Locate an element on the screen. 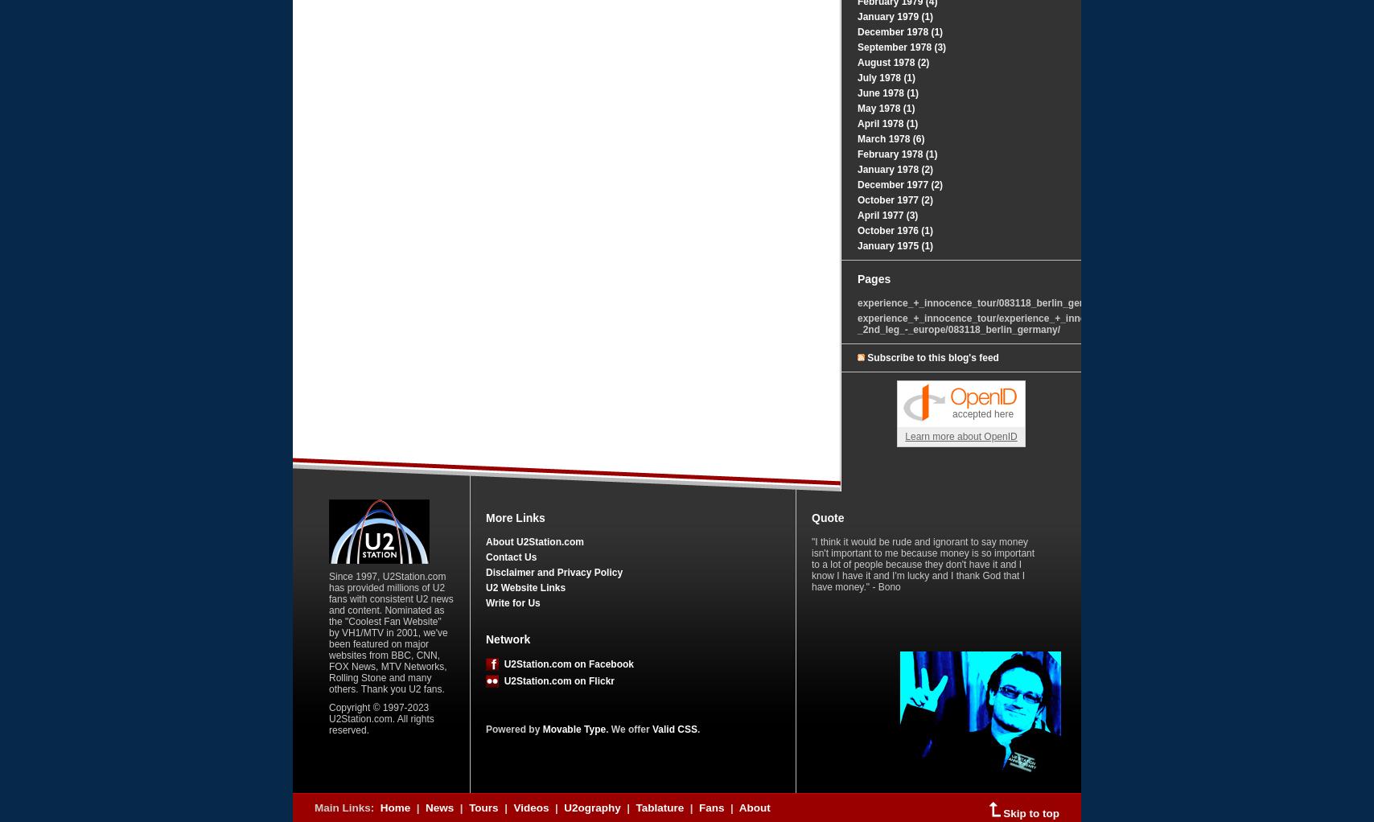 Image resolution: width=1374 pixels, height=822 pixels. 'July 1978 (1)' is located at coordinates (887, 76).